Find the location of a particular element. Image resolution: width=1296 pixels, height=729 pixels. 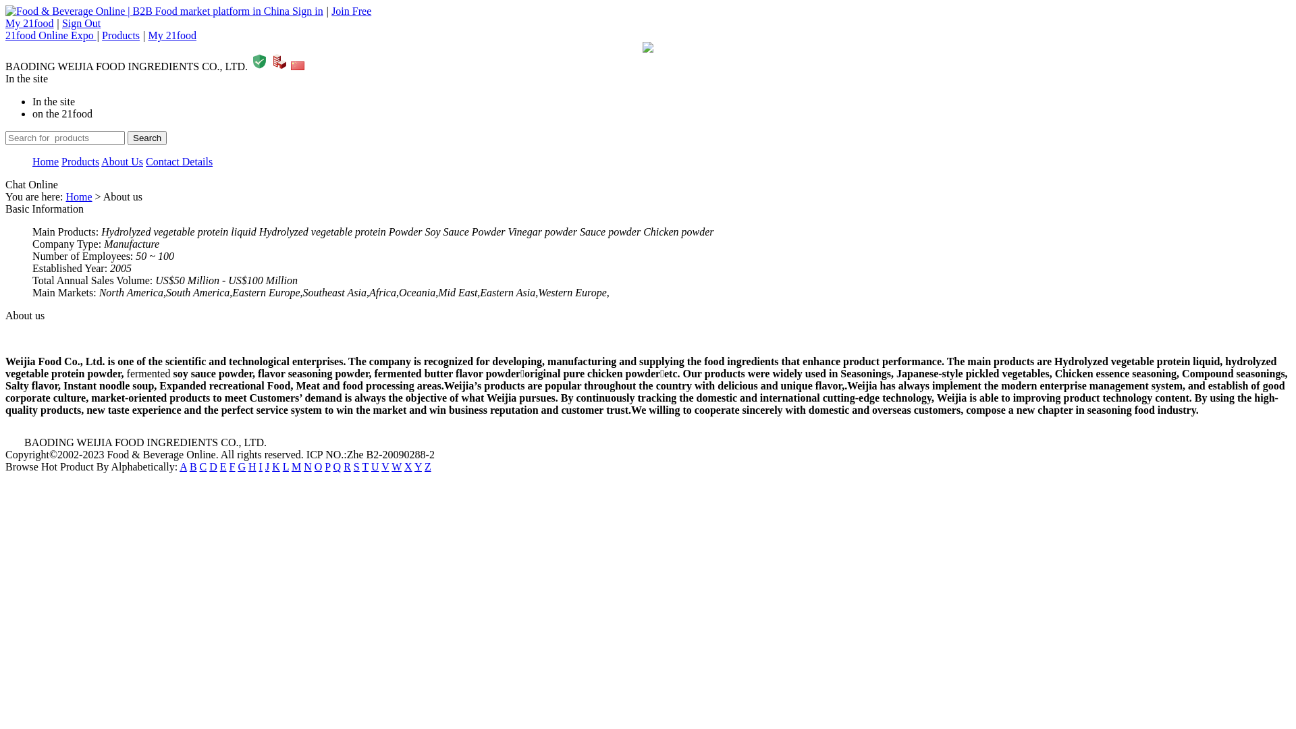

'D' is located at coordinates (213, 466).